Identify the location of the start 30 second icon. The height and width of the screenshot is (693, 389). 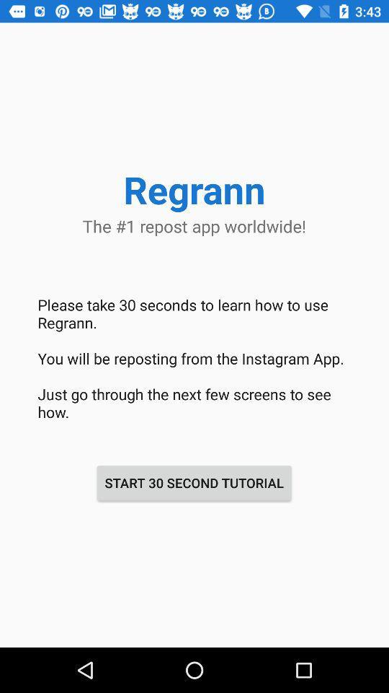
(194, 483).